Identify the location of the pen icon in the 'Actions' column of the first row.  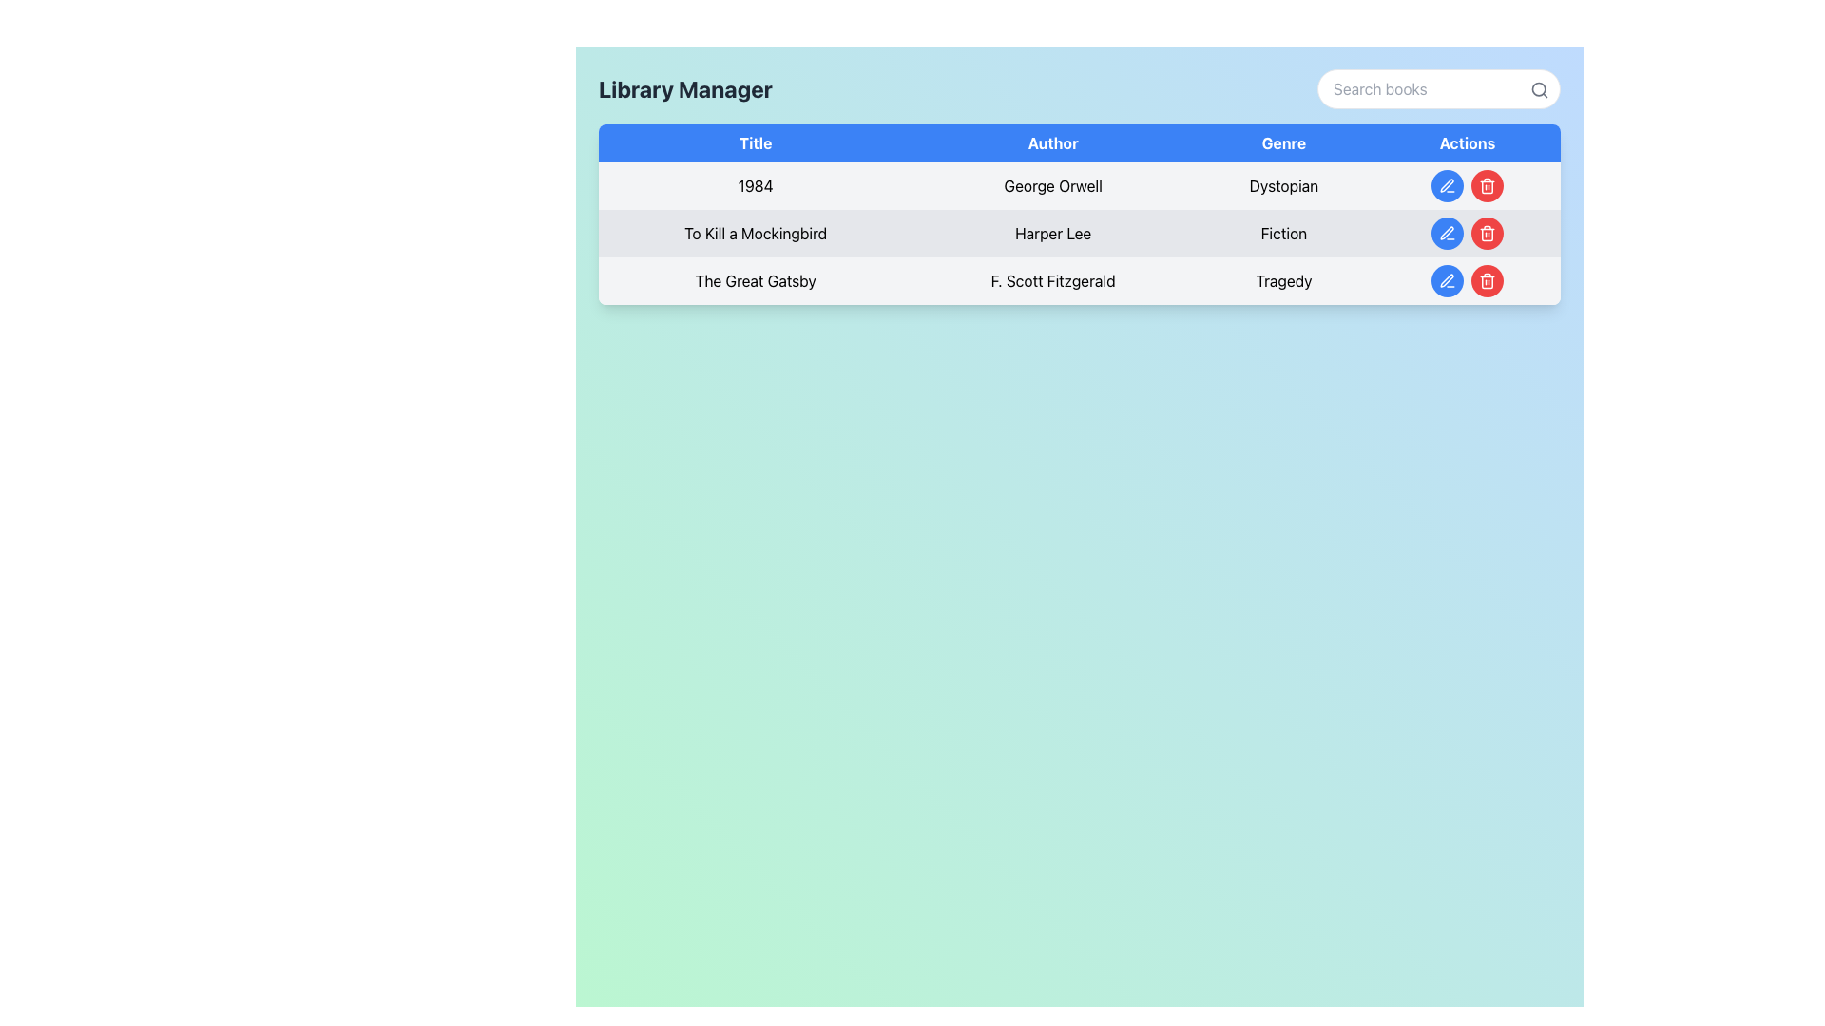
(1446, 185).